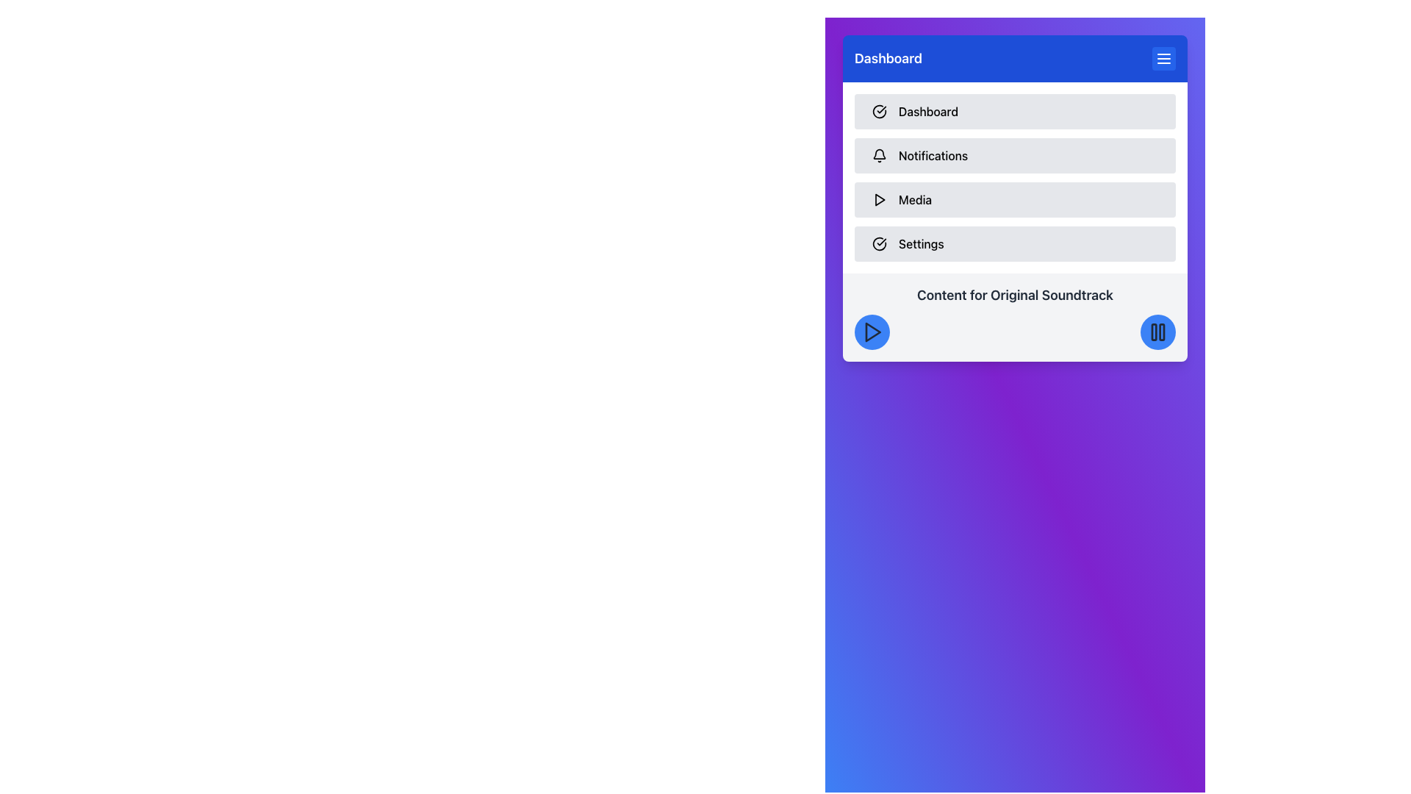 Image resolution: width=1411 pixels, height=794 pixels. What do you see at coordinates (872, 332) in the screenshot?
I see `the play button located in the lower-left corner of the content area labeled 'Content for Original Soundtrack', which is the first button in a row of two buttons` at bounding box center [872, 332].